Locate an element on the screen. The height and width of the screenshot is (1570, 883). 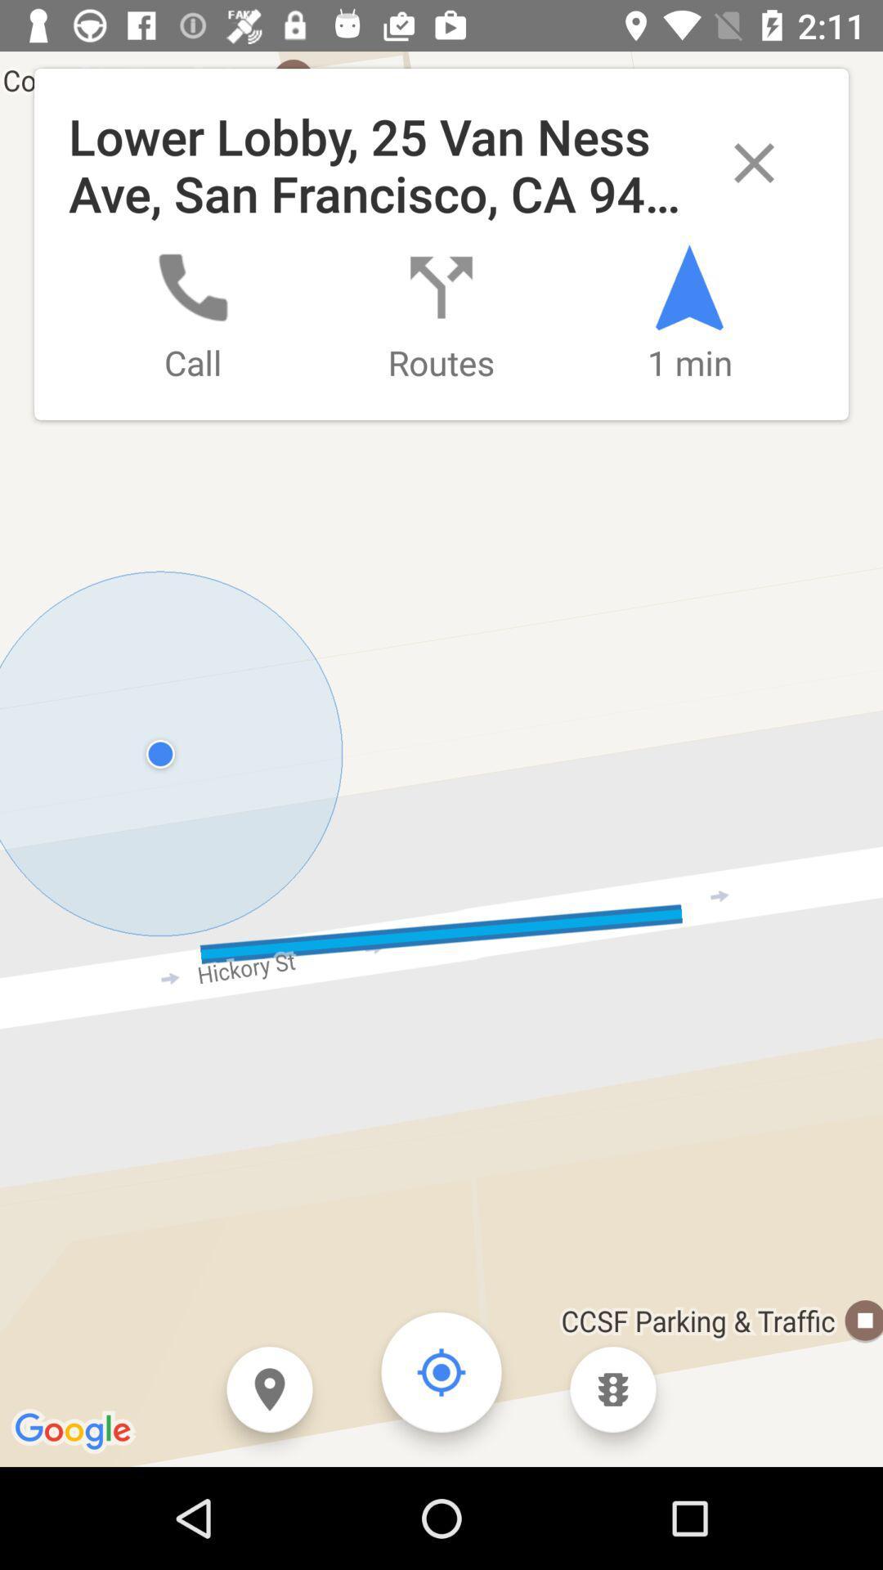
the icon which is on the right side of location pin icon is located at coordinates (441, 1372).